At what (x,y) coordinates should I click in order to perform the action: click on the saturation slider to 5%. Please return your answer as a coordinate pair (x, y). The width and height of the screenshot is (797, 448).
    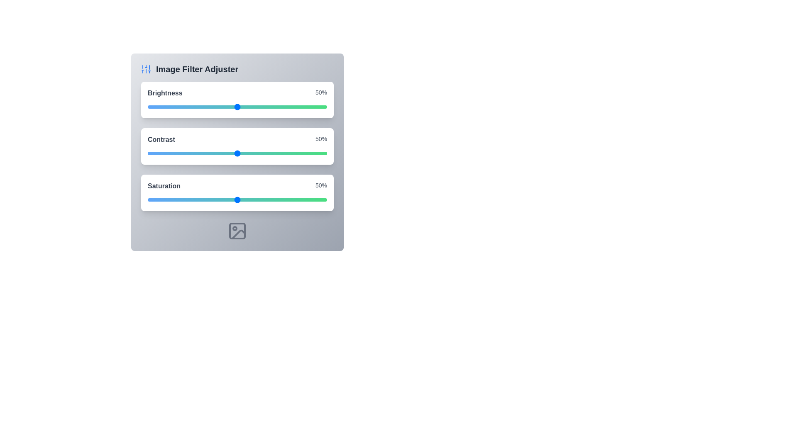
    Looking at the image, I should click on (156, 200).